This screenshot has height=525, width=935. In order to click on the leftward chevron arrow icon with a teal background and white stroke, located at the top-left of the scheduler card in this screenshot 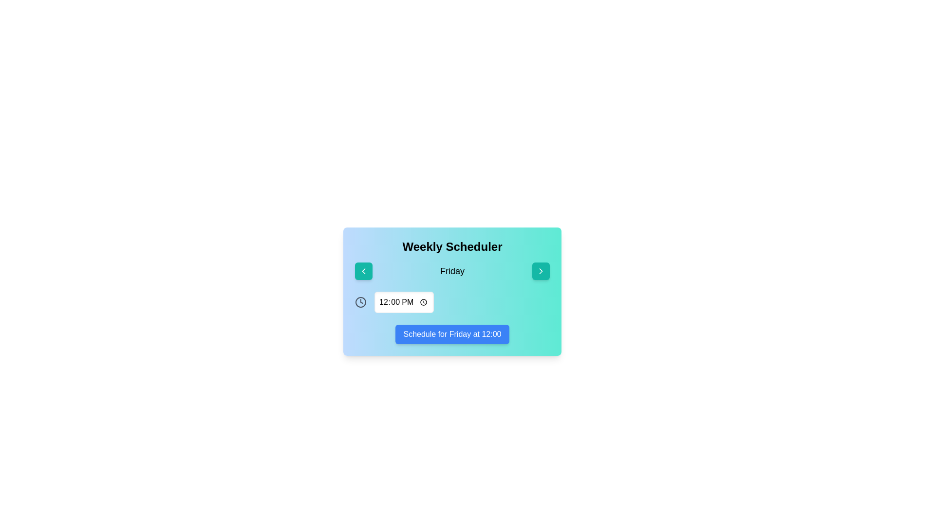, I will do `click(363, 271)`.